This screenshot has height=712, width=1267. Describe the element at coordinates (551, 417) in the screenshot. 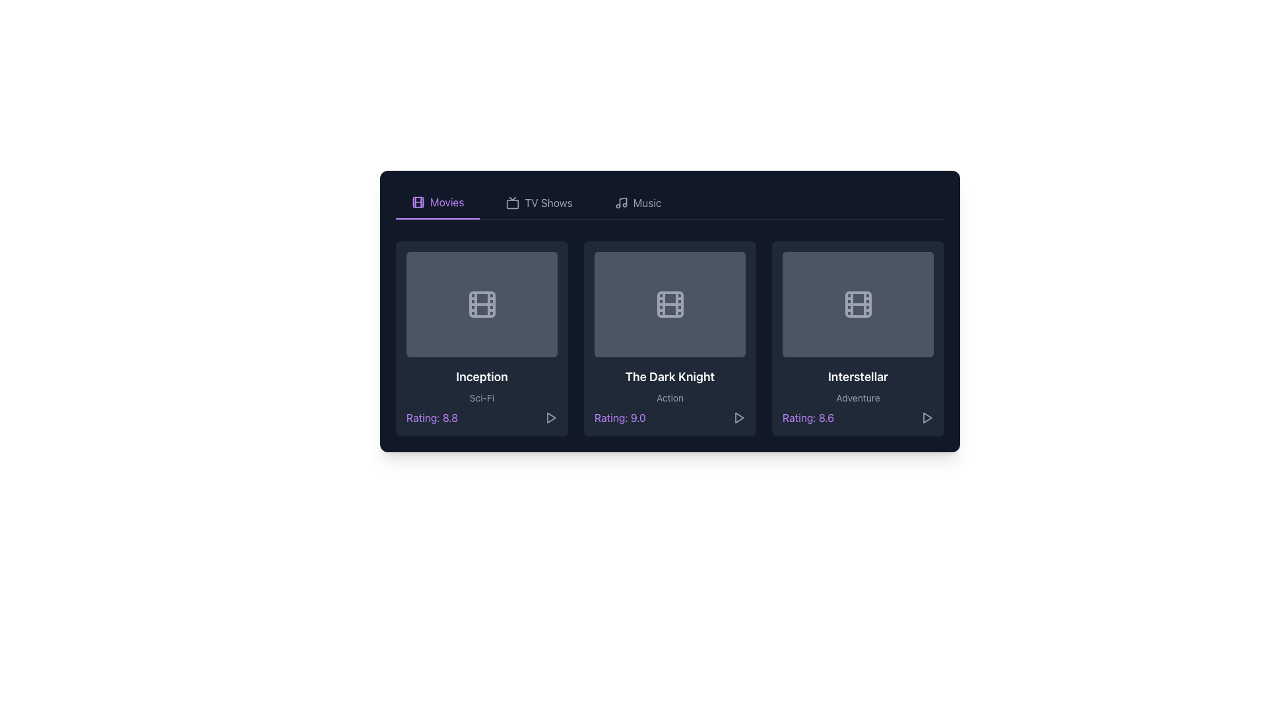

I see `the play button located to the right of the text 'Rating: 8.8'` at that location.